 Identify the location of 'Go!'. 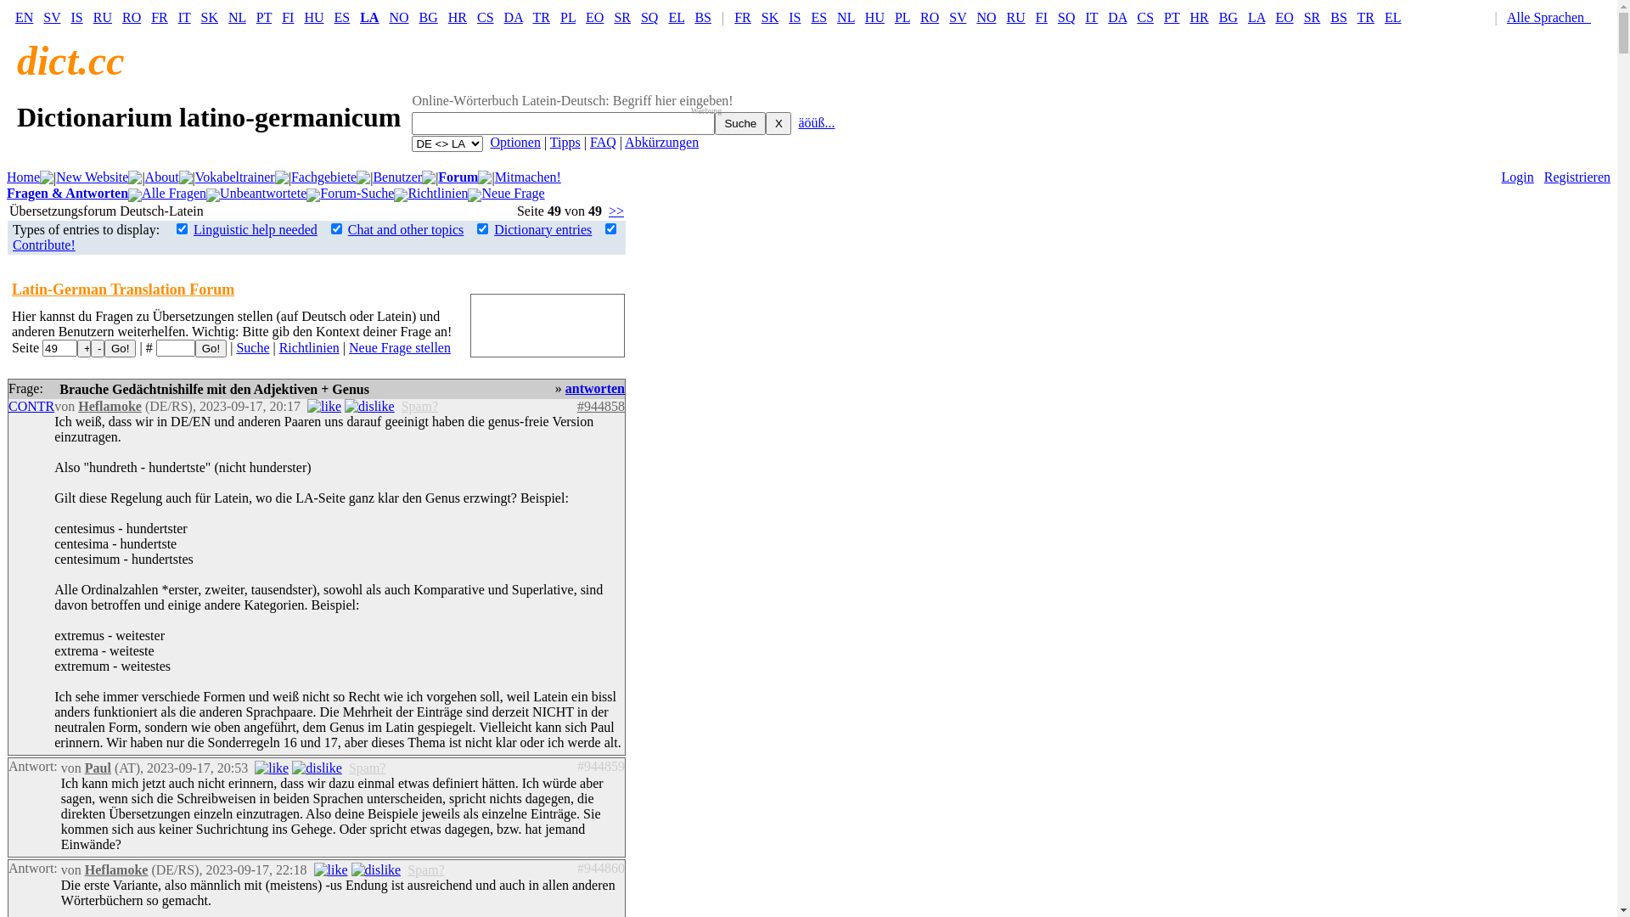
(210, 347).